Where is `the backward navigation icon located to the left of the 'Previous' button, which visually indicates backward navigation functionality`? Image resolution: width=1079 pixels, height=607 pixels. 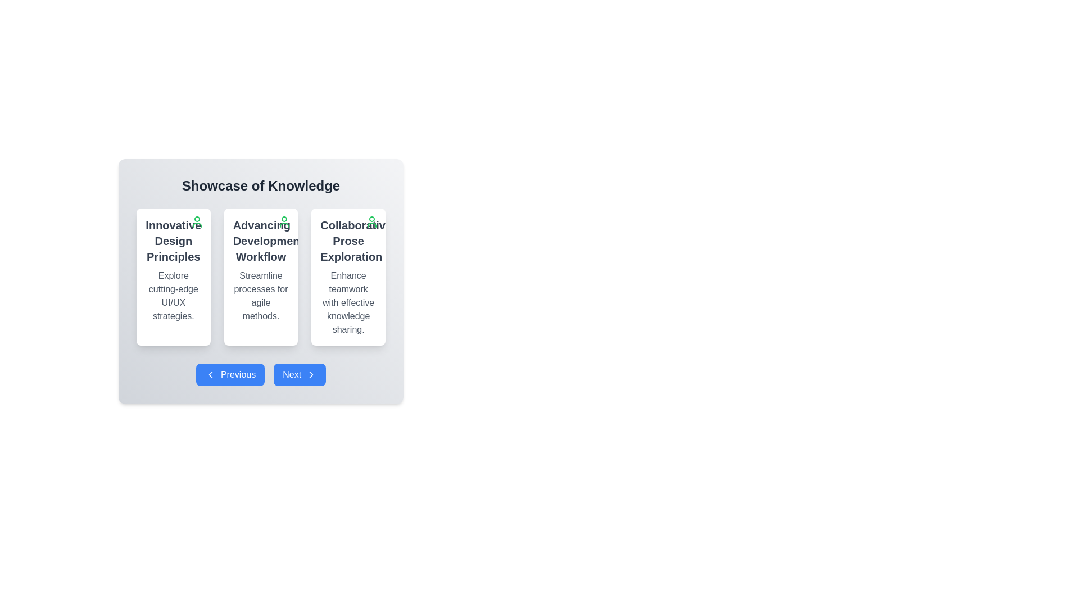
the backward navigation icon located to the left of the 'Previous' button, which visually indicates backward navigation functionality is located at coordinates (210, 375).